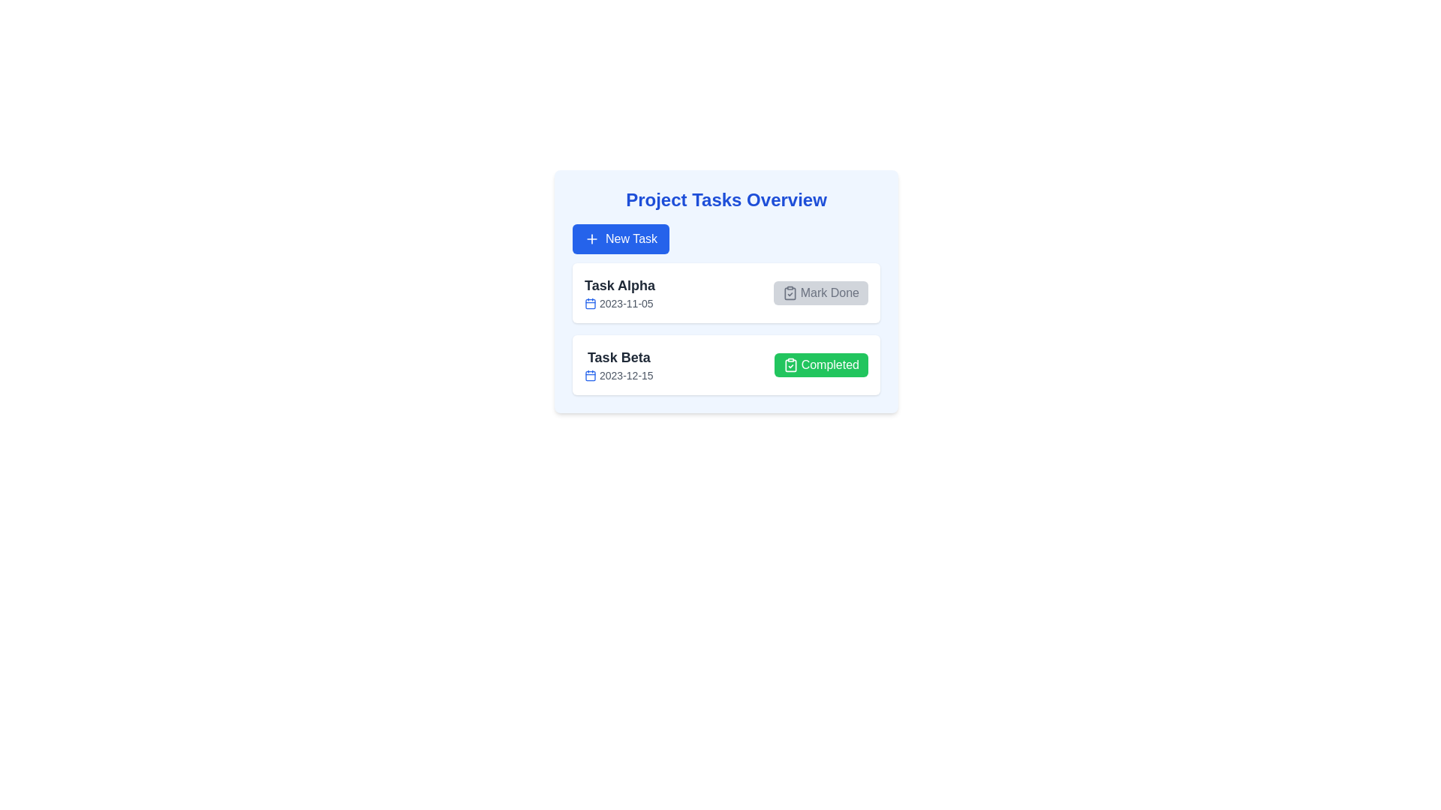 The height and width of the screenshot is (810, 1441). What do you see at coordinates (727, 292) in the screenshot?
I see `the Task overview module, which features a light blue background and contains the title 'Project Tasks Overview' along with a 'New Task' button and task cards` at bounding box center [727, 292].